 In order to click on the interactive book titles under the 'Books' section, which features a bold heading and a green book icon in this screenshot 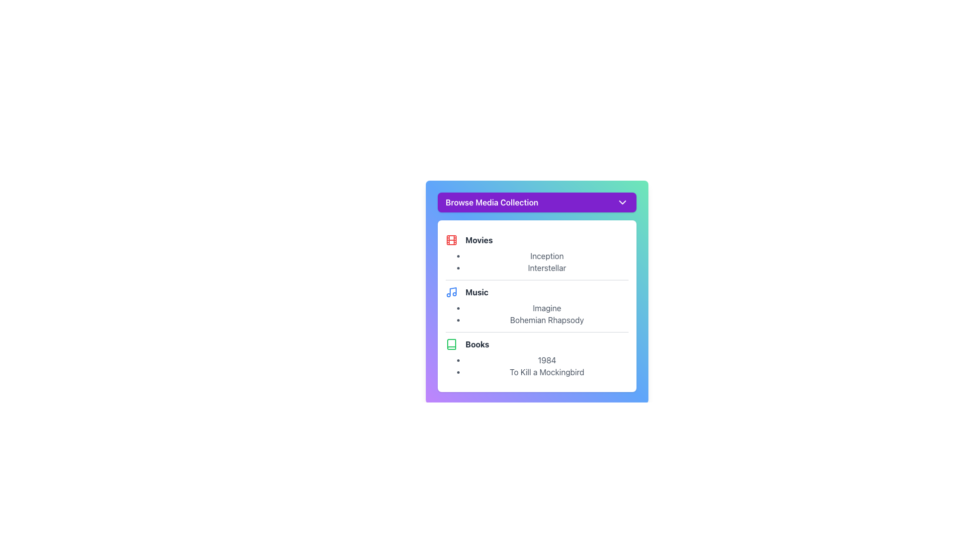, I will do `click(536, 358)`.